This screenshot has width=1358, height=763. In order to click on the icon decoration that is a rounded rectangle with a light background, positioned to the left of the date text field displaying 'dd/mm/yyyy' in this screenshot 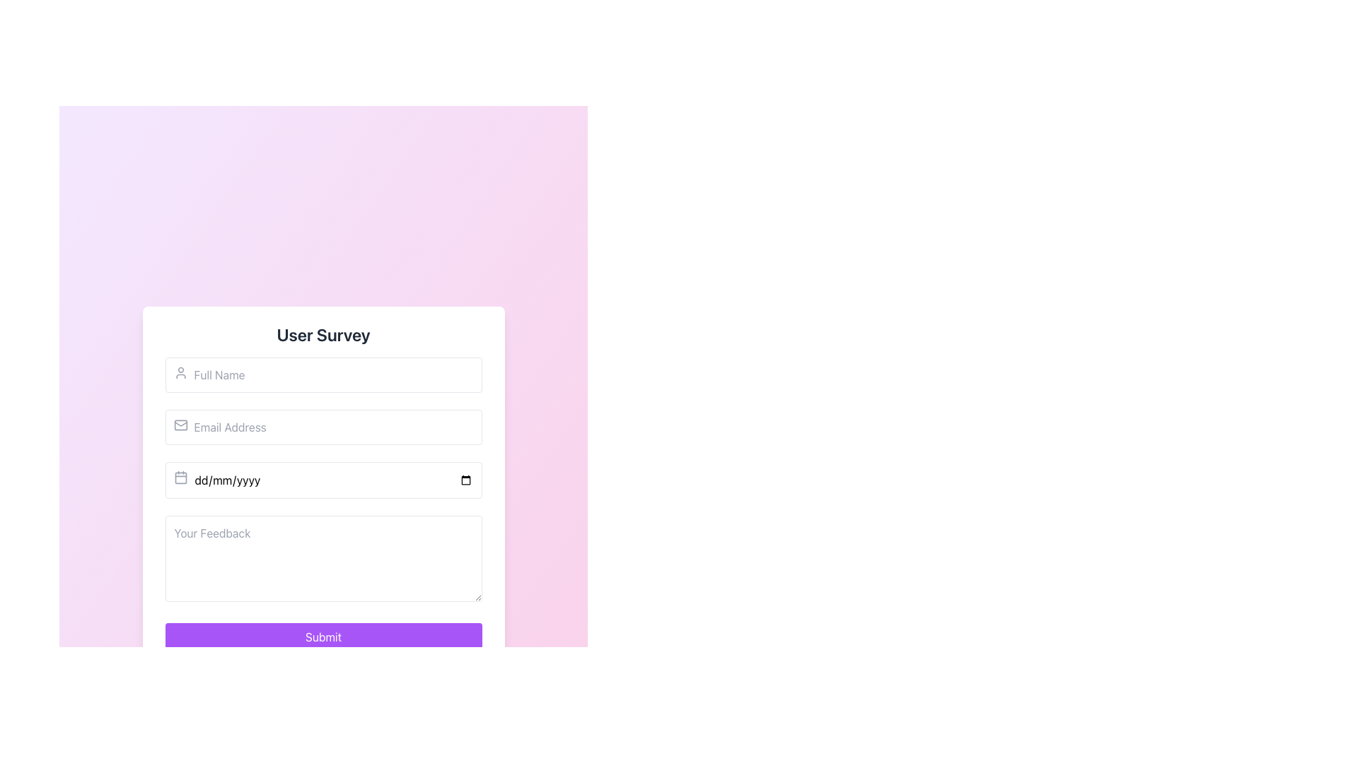, I will do `click(180, 477)`.